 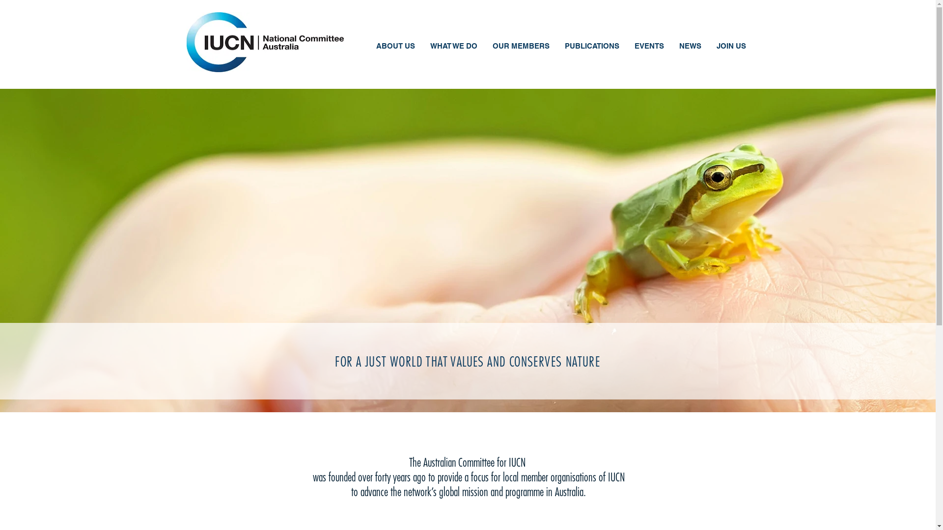 What do you see at coordinates (670, 47) in the screenshot?
I see `'NEWS'` at bounding box center [670, 47].